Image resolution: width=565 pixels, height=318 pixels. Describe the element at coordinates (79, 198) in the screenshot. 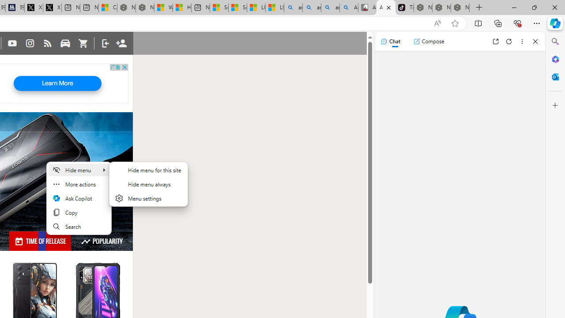

I see `'Mini menu on text selection'` at that location.